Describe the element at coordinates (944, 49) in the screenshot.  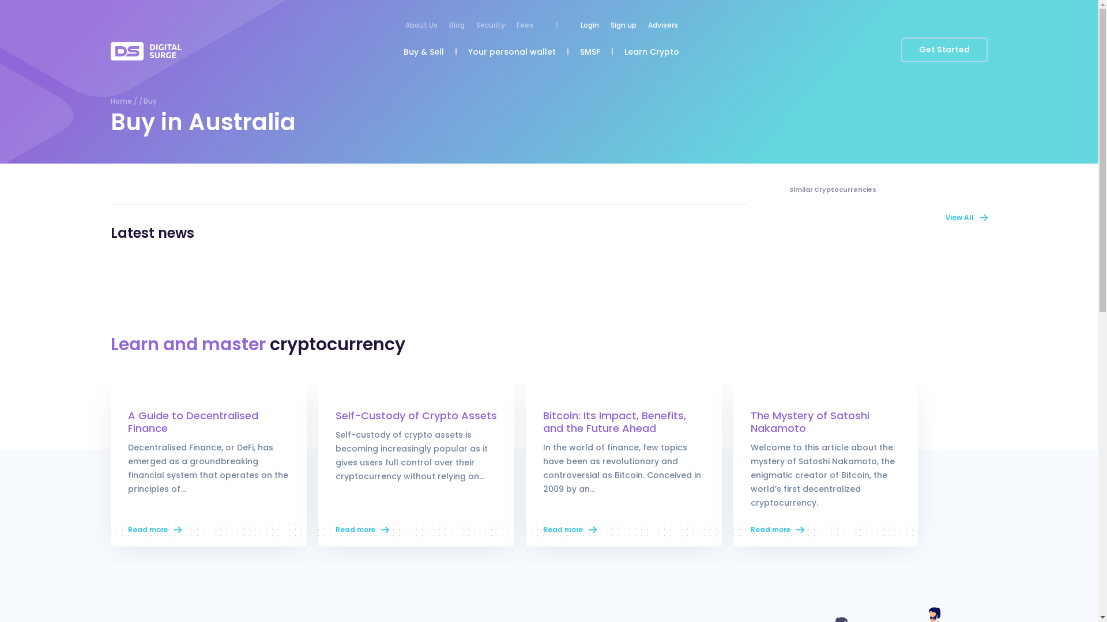
I see `'Get Started'` at that location.